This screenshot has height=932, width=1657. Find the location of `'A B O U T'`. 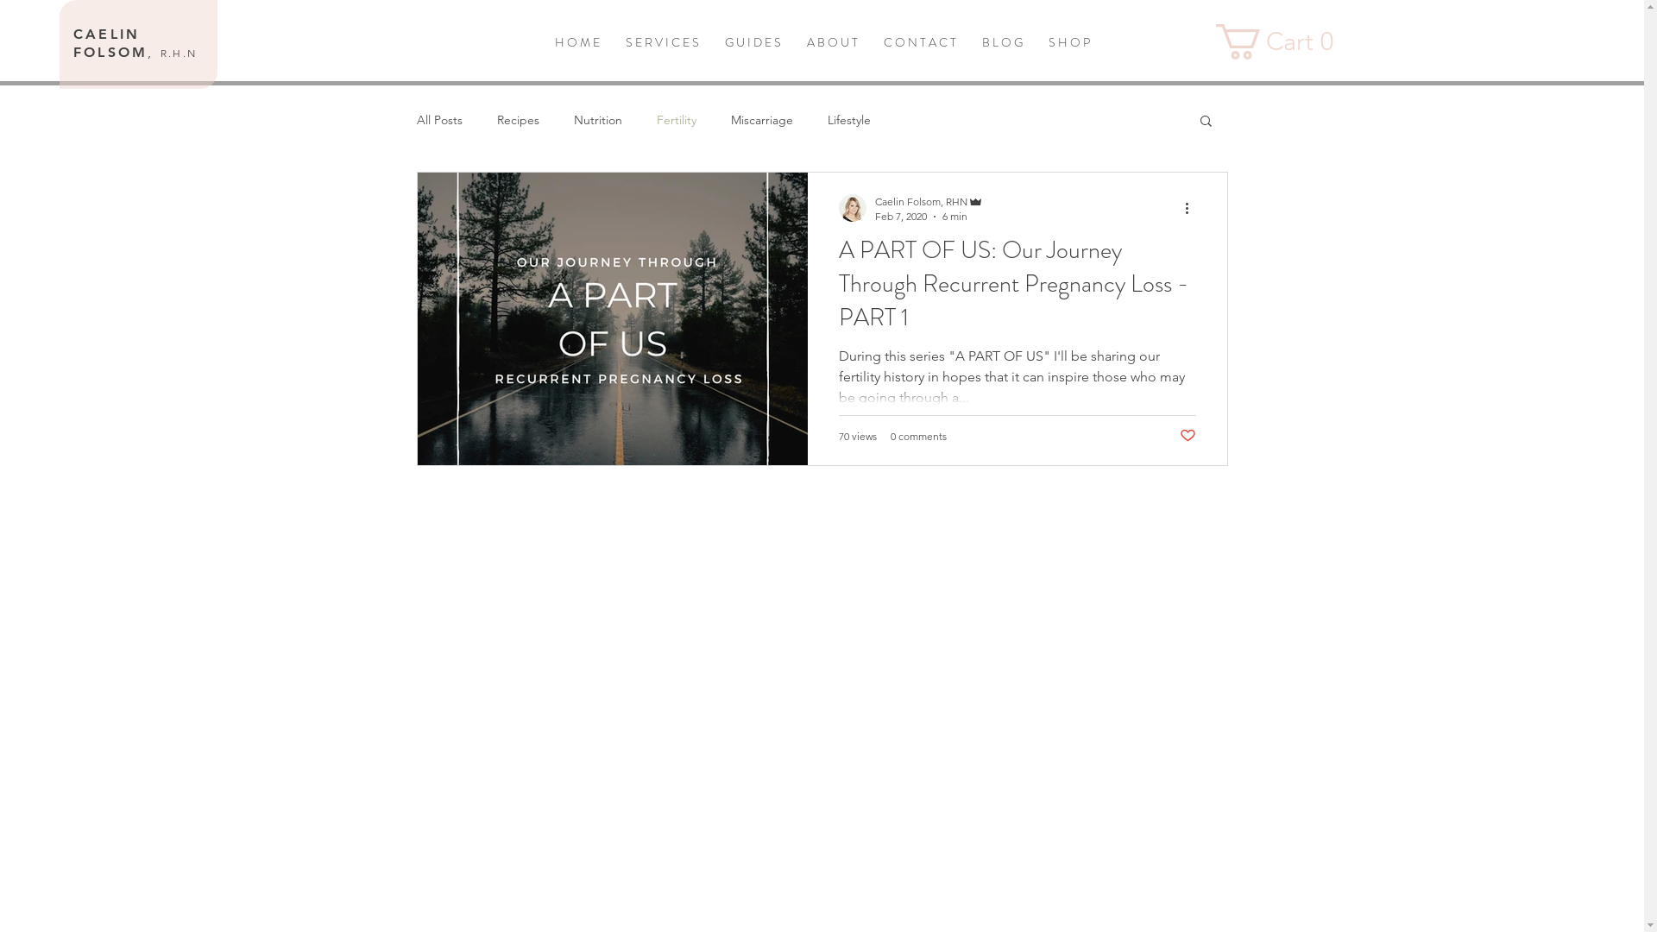

'A B O U T' is located at coordinates (832, 41).